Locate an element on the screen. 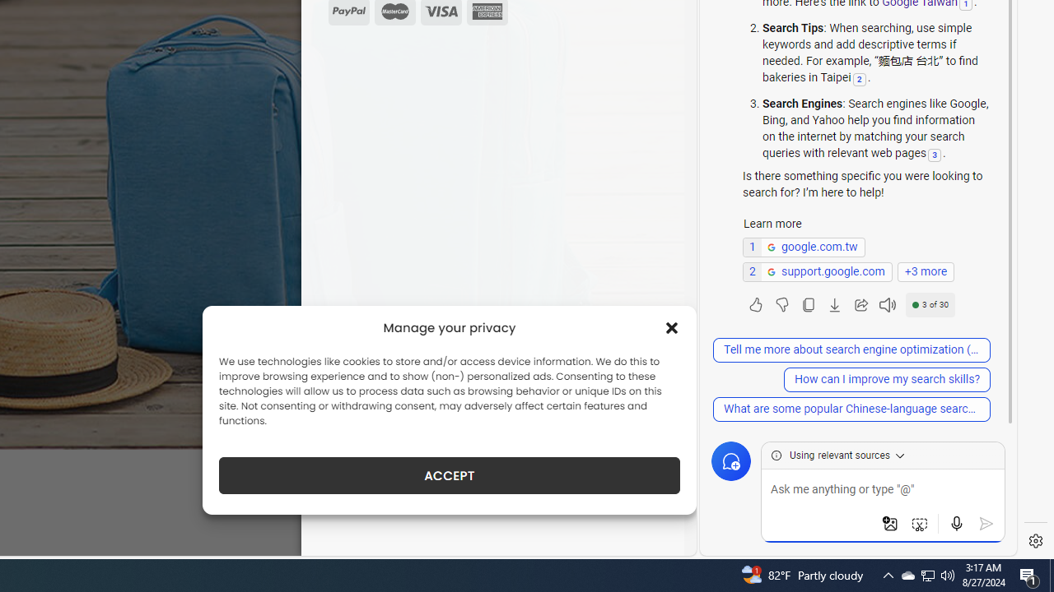 The height and width of the screenshot is (592, 1054). 'Class: cmplz-close' is located at coordinates (672, 327).